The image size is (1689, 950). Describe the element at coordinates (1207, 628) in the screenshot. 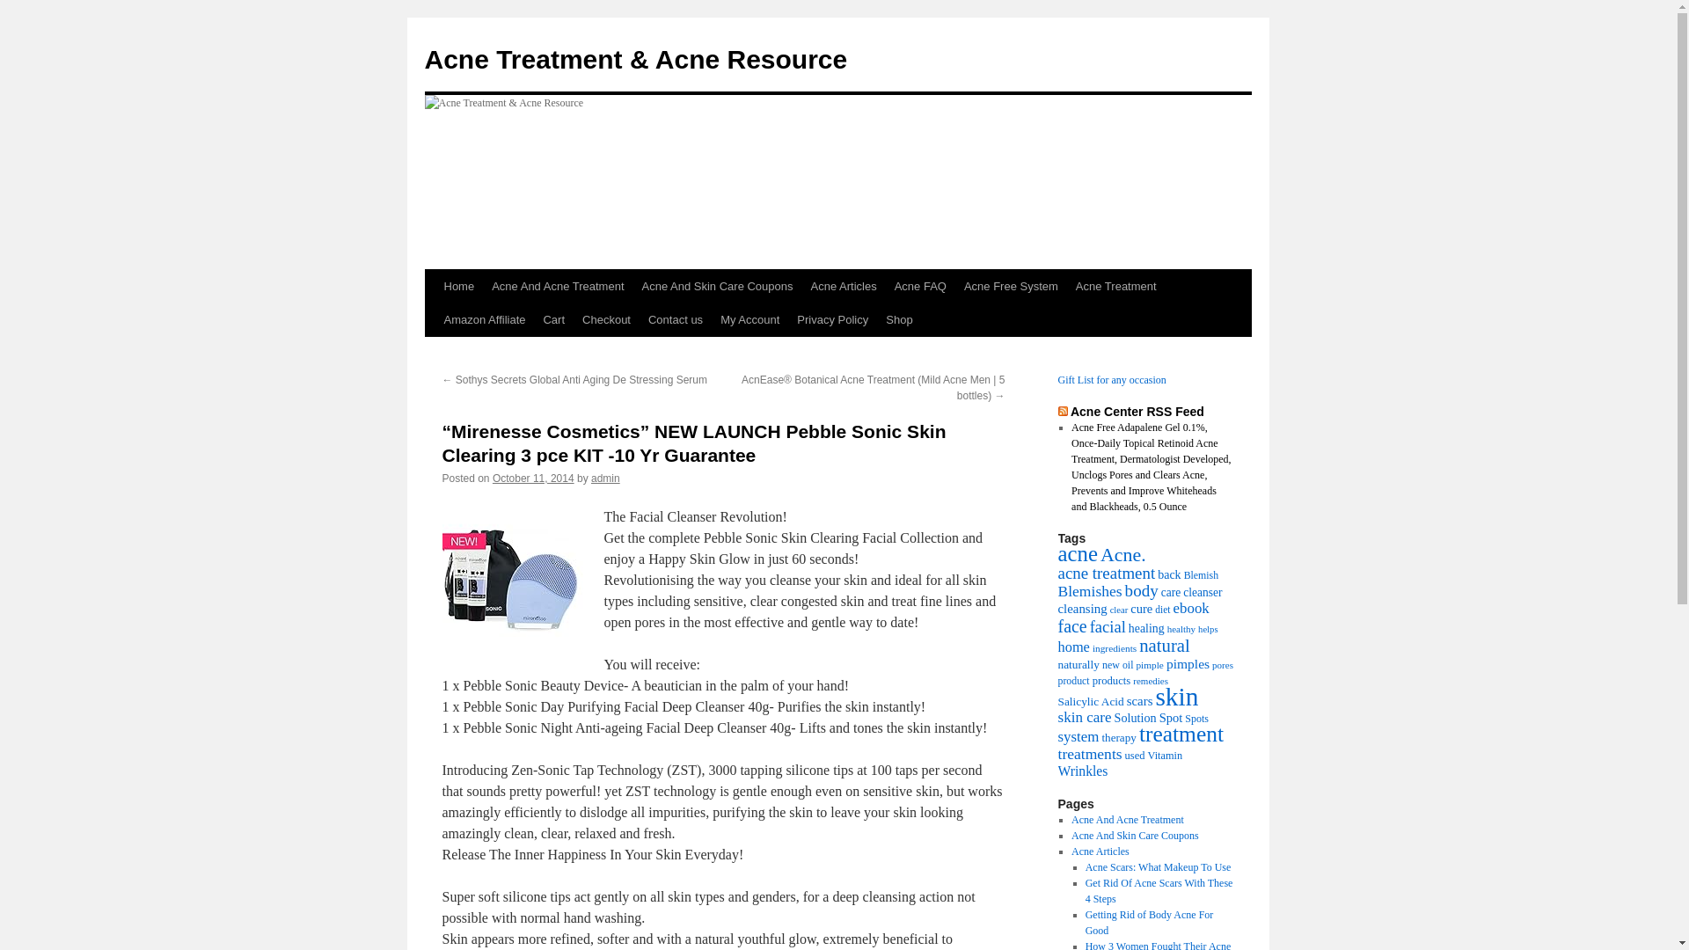

I see `'helps'` at that location.